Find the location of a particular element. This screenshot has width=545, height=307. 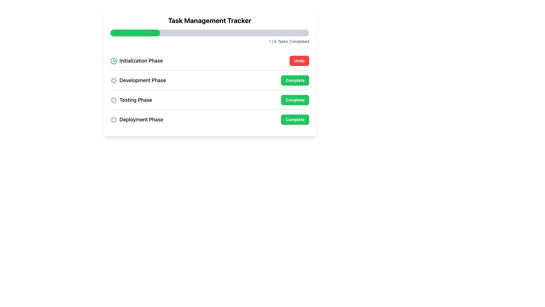

the static text element that represents the ongoing phase in a task management tracker, located below the 'Initialization Phase' section and aligned with the spinner icon and 'Complete' button is located at coordinates (138, 80).